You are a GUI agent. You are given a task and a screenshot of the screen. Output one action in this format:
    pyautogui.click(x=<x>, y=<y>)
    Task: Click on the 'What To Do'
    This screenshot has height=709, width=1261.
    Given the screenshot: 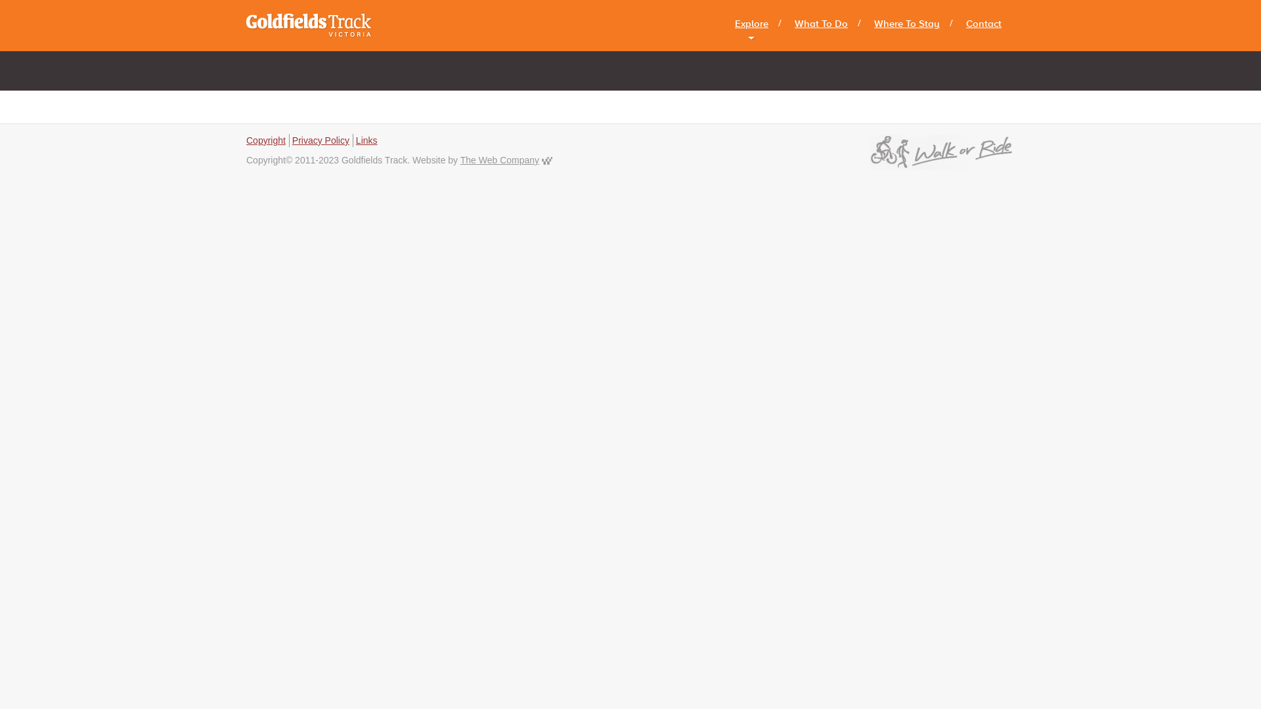 What is the action you would take?
    pyautogui.click(x=820, y=24)
    